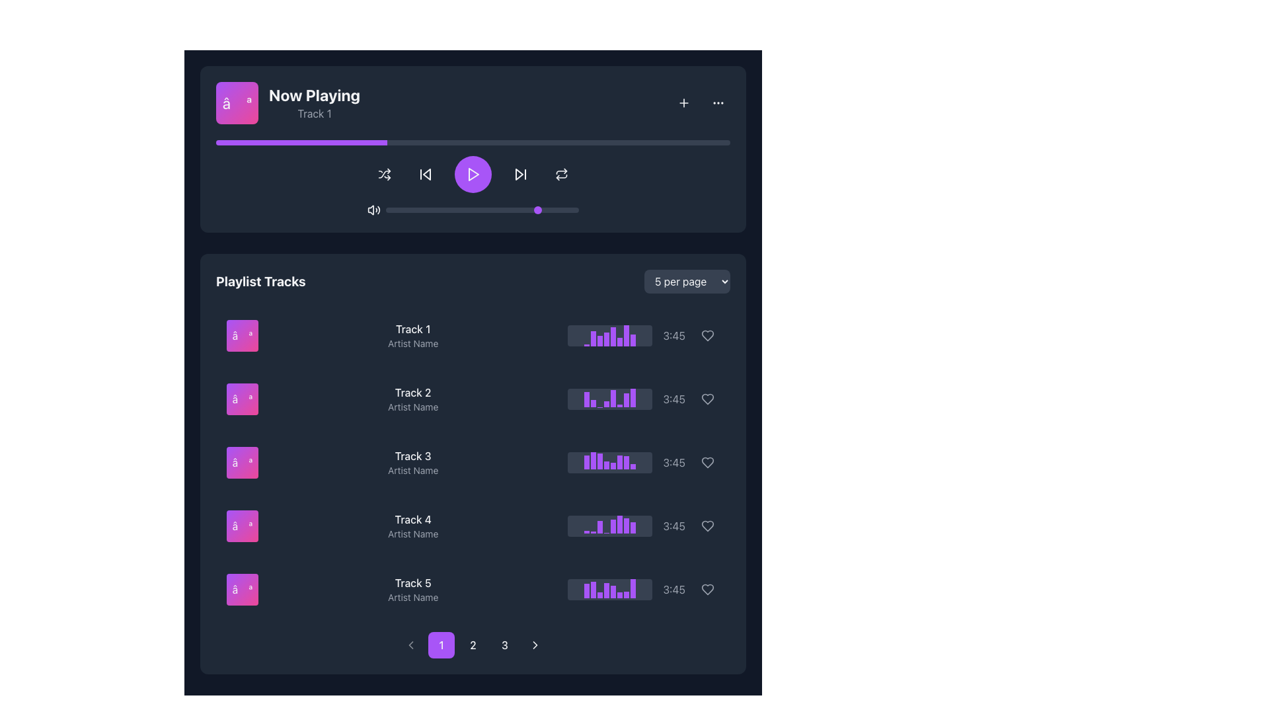 The image size is (1269, 714). What do you see at coordinates (535, 644) in the screenshot?
I see `the rightmost chevron icon in the pagination control area` at bounding box center [535, 644].